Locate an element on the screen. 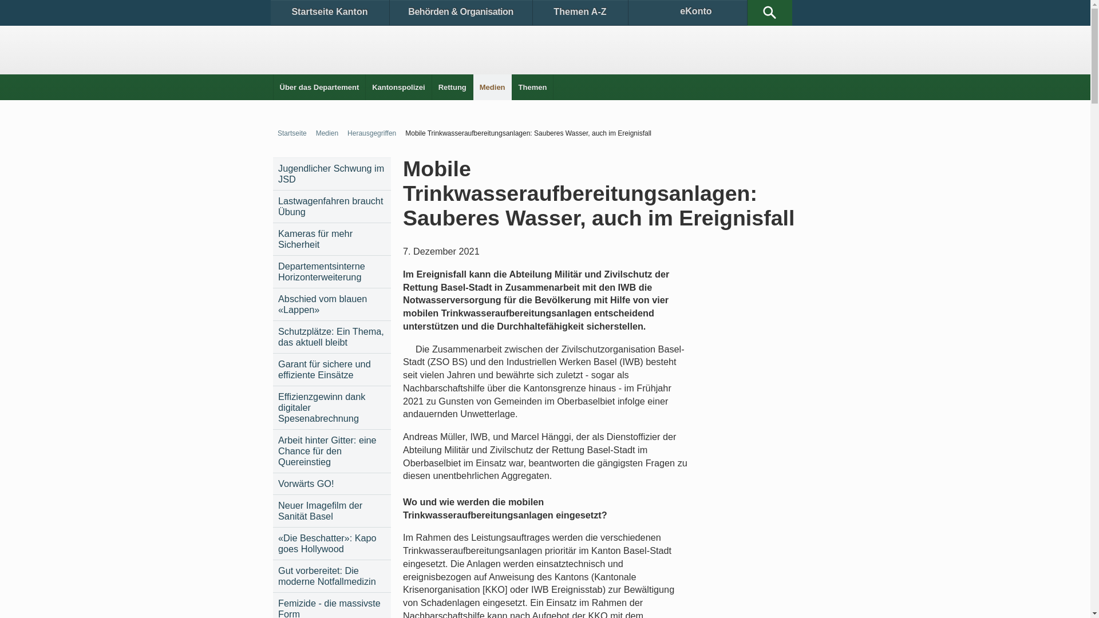 This screenshot has width=1099, height=618. 'Medien' is located at coordinates (324, 132).